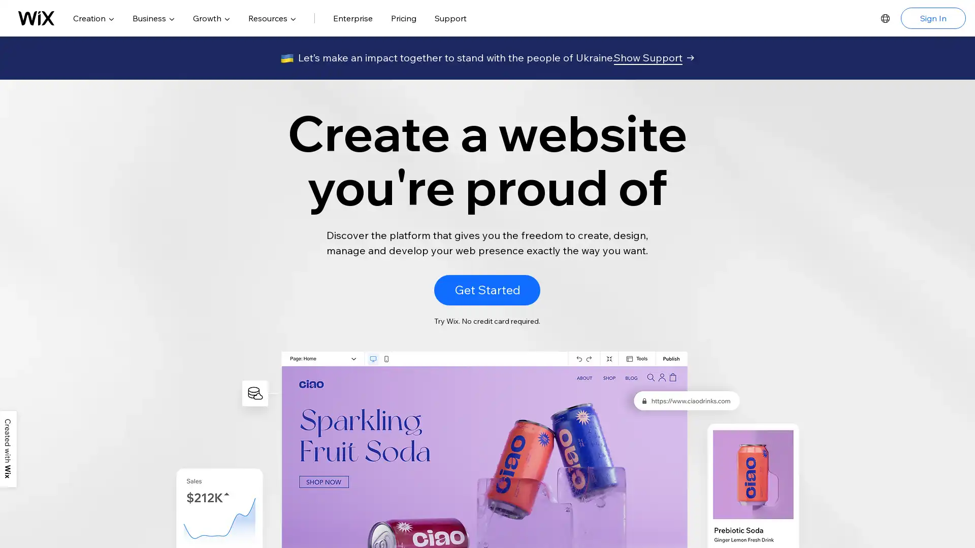 This screenshot has height=548, width=975. I want to click on Growth, so click(211, 17).